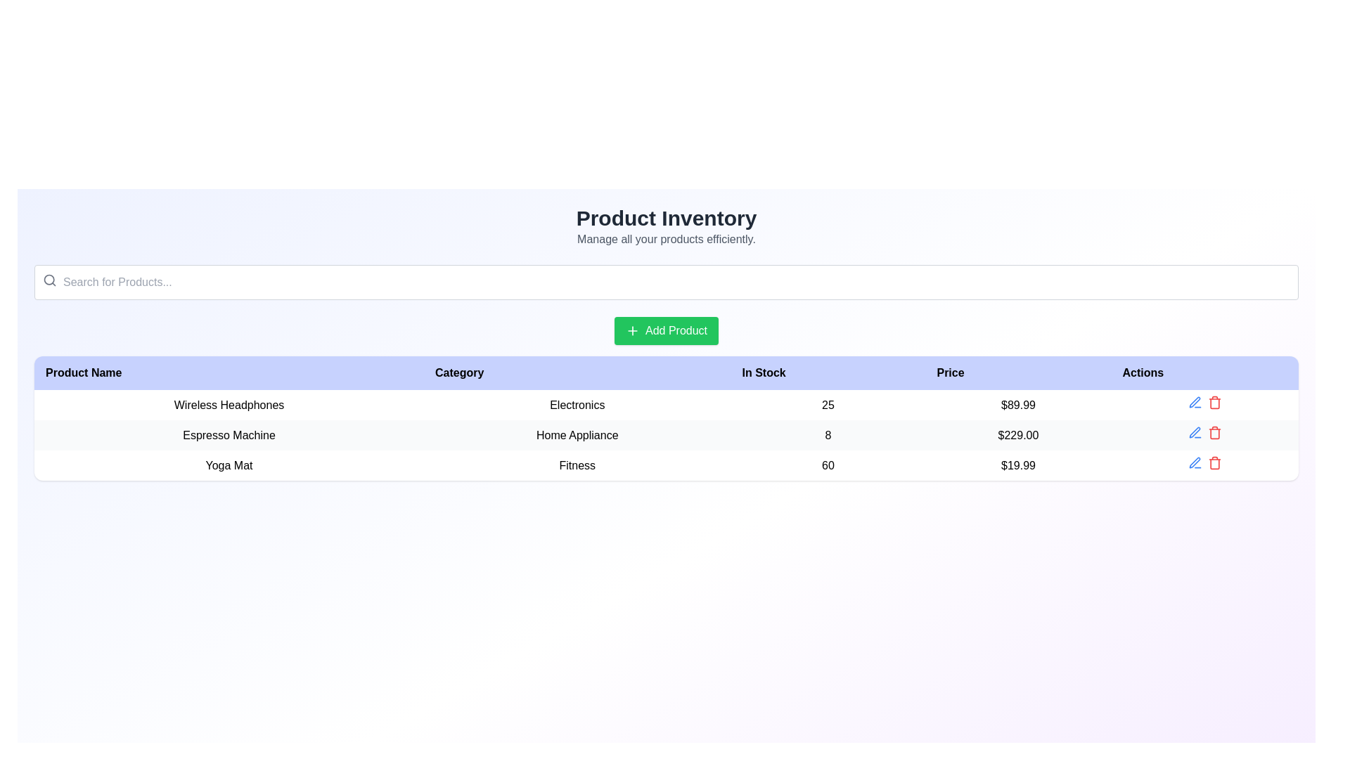 The height and width of the screenshot is (759, 1350). I want to click on the 'Home Appliance' label in the 'Category' column of the table for the product 'Espresso Machine', so click(577, 434).